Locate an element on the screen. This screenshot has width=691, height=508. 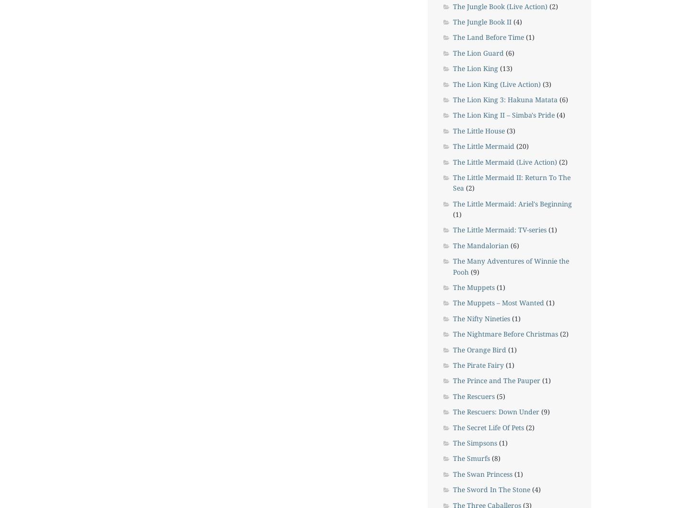
'The Nifty Nineties' is located at coordinates (480, 317).